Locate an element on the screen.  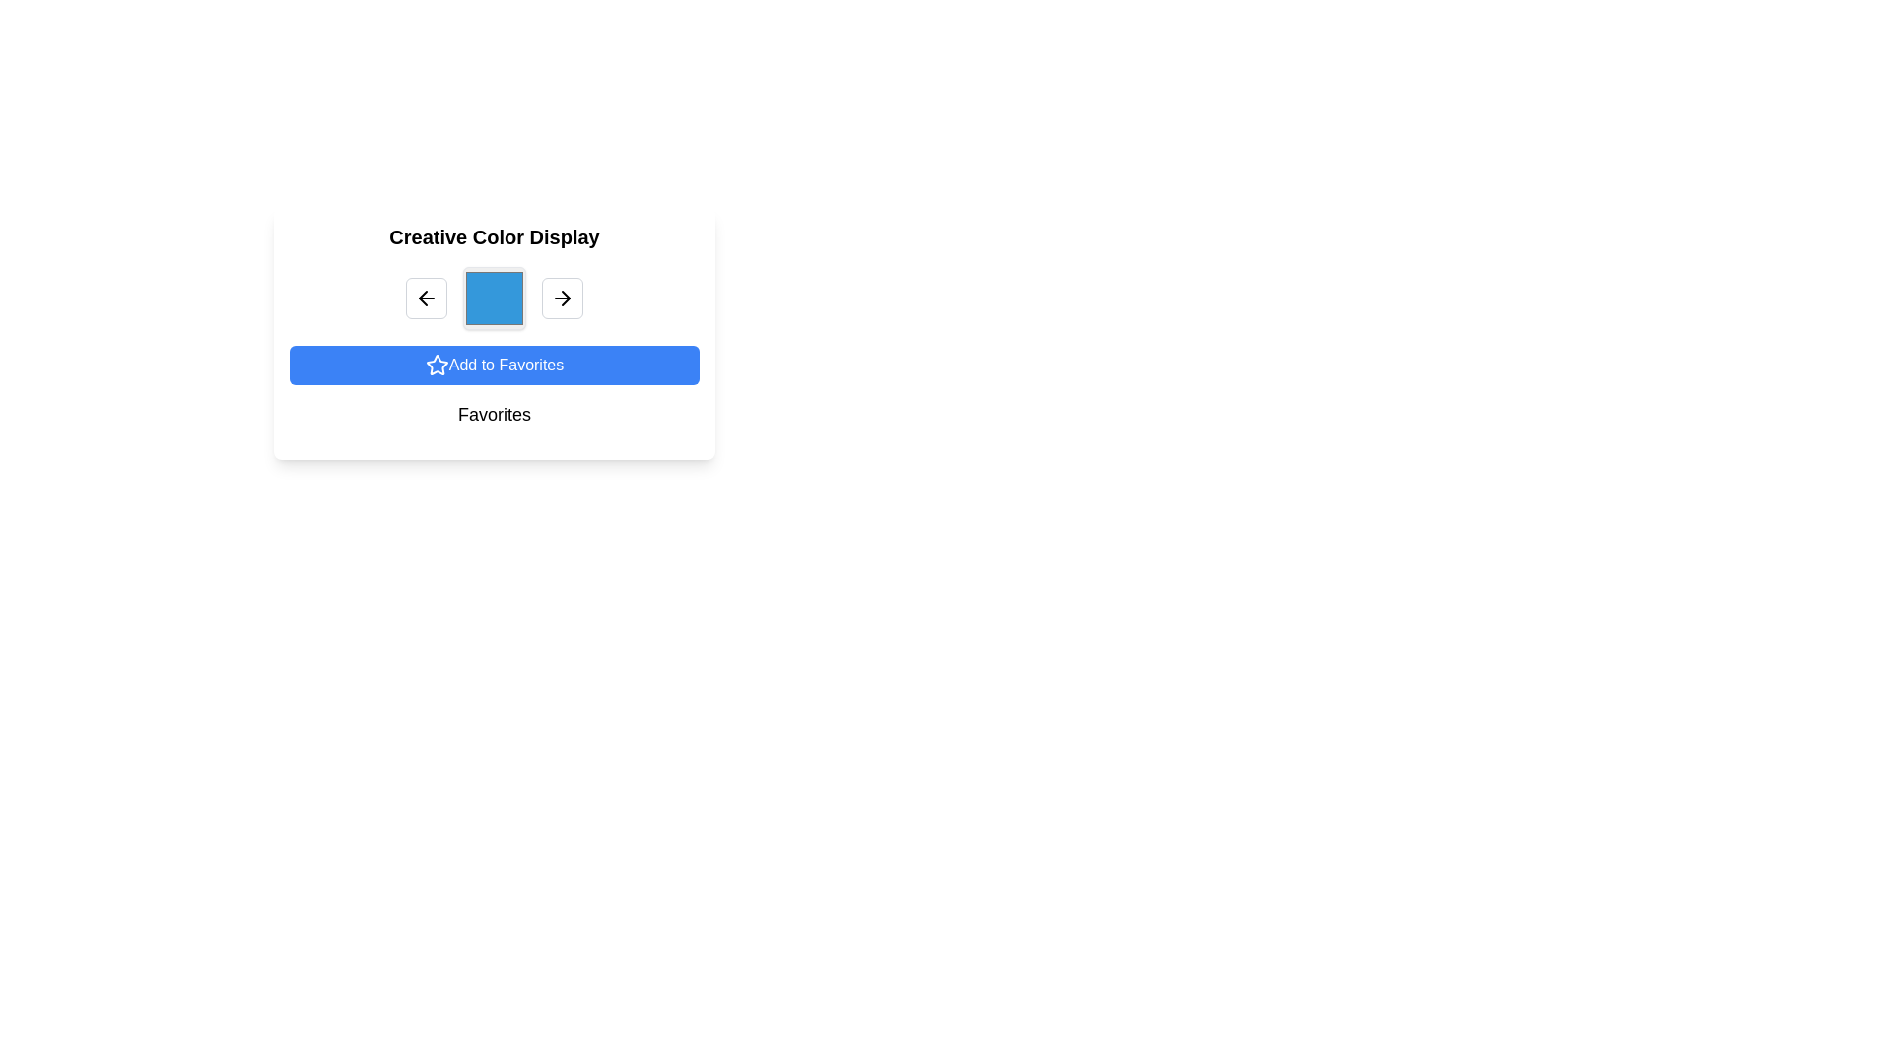
the rightmost button with a minimalist arrow icon pointing to the right is located at coordinates (565, 299).